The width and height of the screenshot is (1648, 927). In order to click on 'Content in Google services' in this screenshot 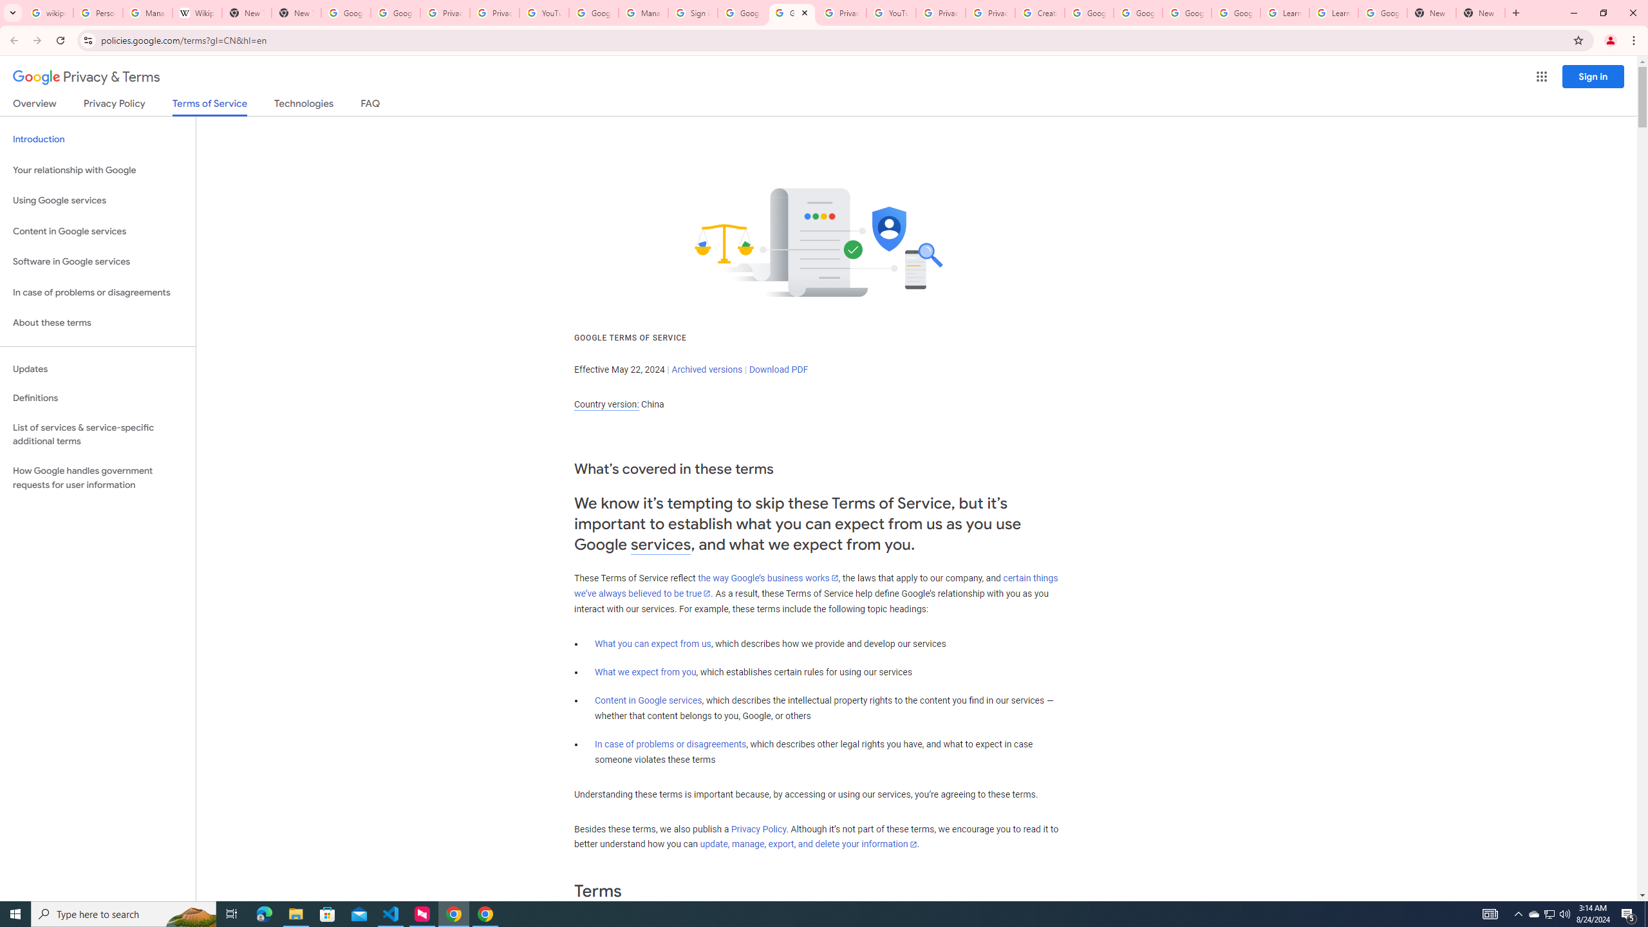, I will do `click(648, 700)`.